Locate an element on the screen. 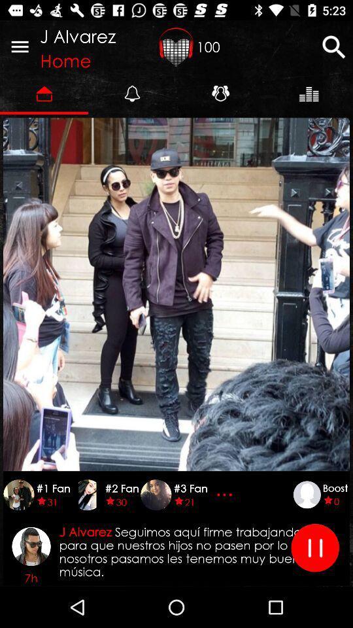 Image resolution: width=353 pixels, height=628 pixels. the icon next to 100 is located at coordinates (333, 46).